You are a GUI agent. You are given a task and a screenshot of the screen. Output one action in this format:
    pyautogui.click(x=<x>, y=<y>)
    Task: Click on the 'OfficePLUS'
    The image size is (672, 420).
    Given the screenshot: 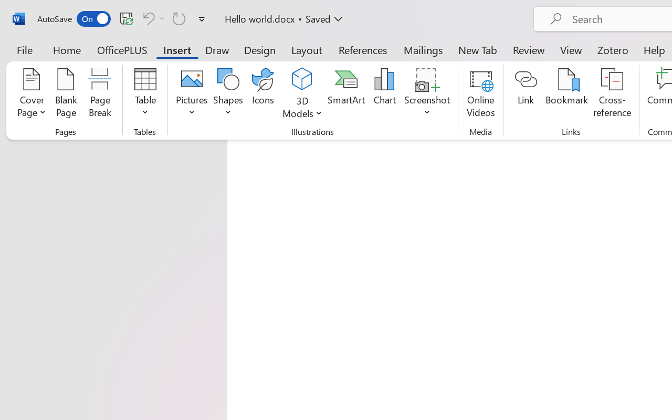 What is the action you would take?
    pyautogui.click(x=122, y=49)
    